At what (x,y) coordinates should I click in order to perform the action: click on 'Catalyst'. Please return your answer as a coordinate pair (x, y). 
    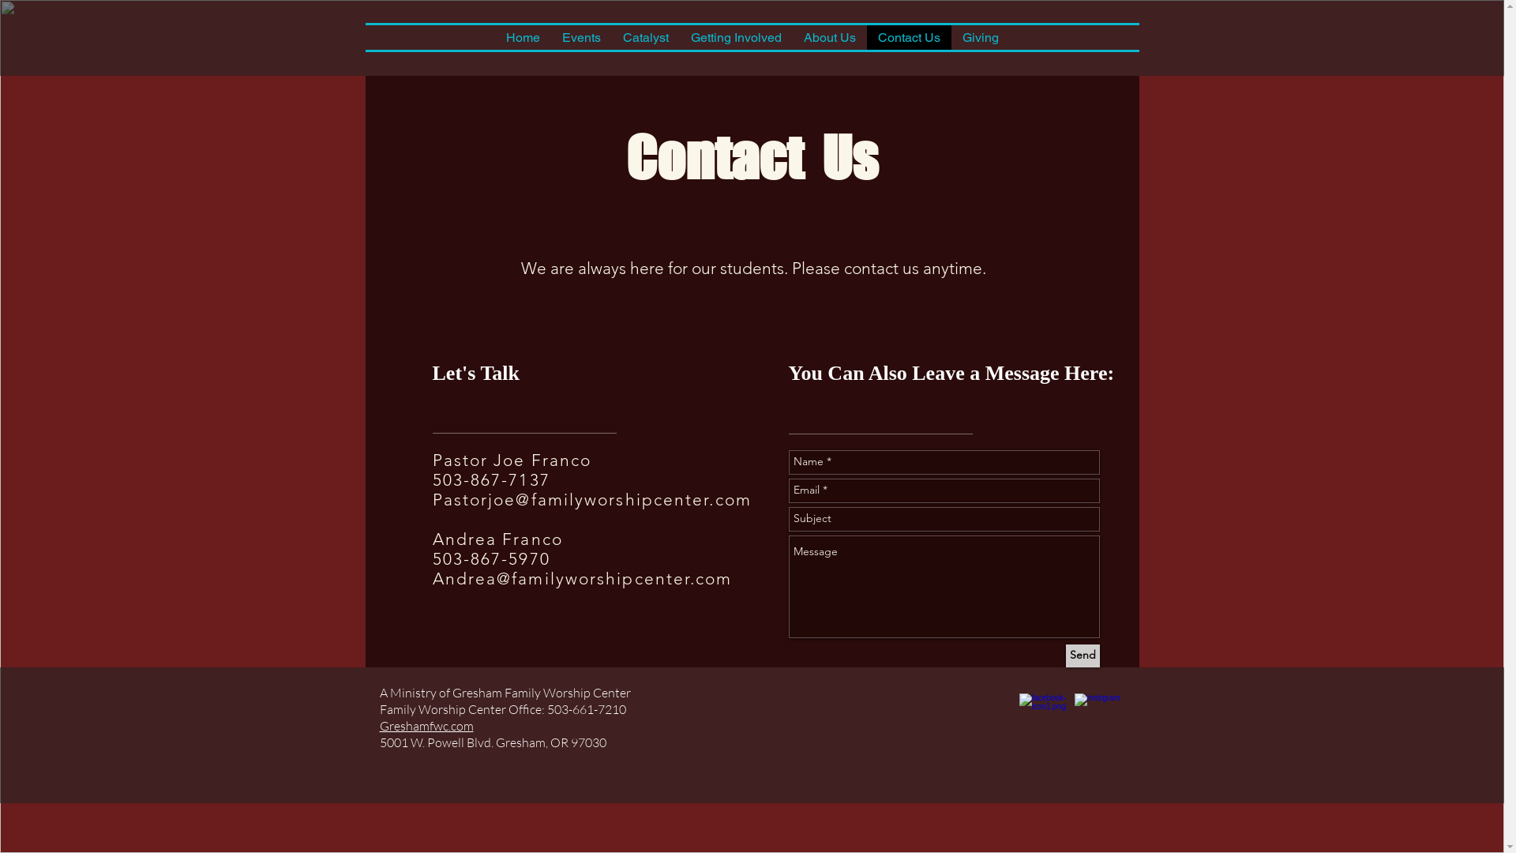
    Looking at the image, I should click on (644, 36).